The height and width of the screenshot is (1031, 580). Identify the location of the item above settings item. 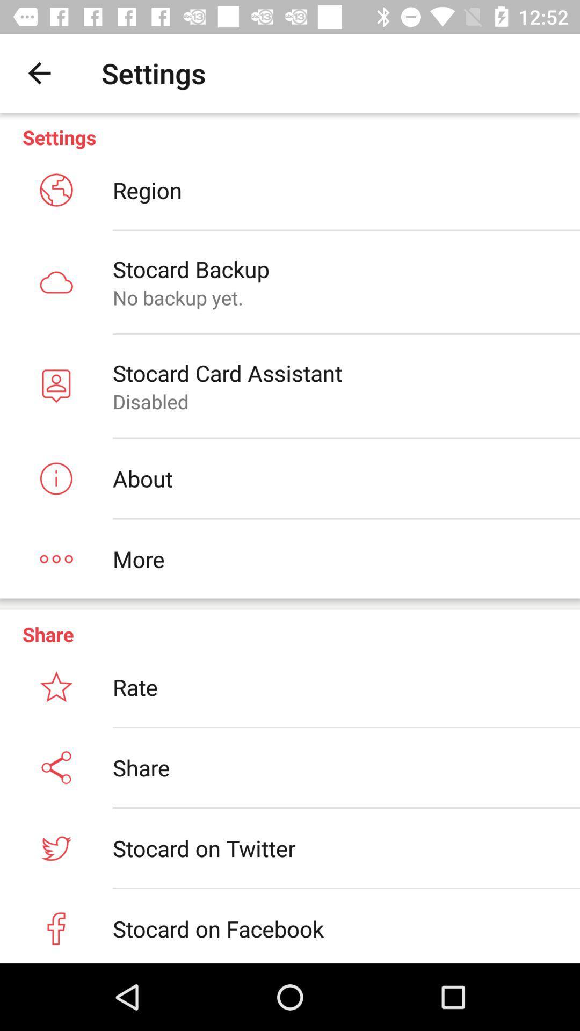
(39, 72).